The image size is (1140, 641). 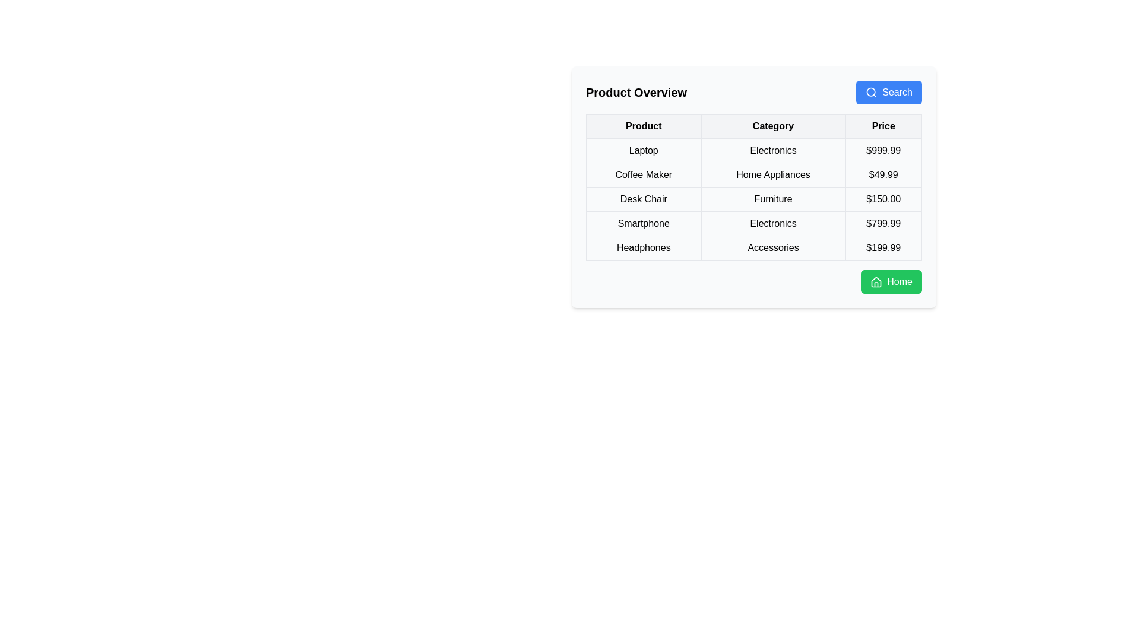 What do you see at coordinates (643, 247) in the screenshot?
I see `the 'Headphones' label located in the fifth row of the 'Product Overview' table under the 'Product' column, which identifies the product name within a structured table layout` at bounding box center [643, 247].